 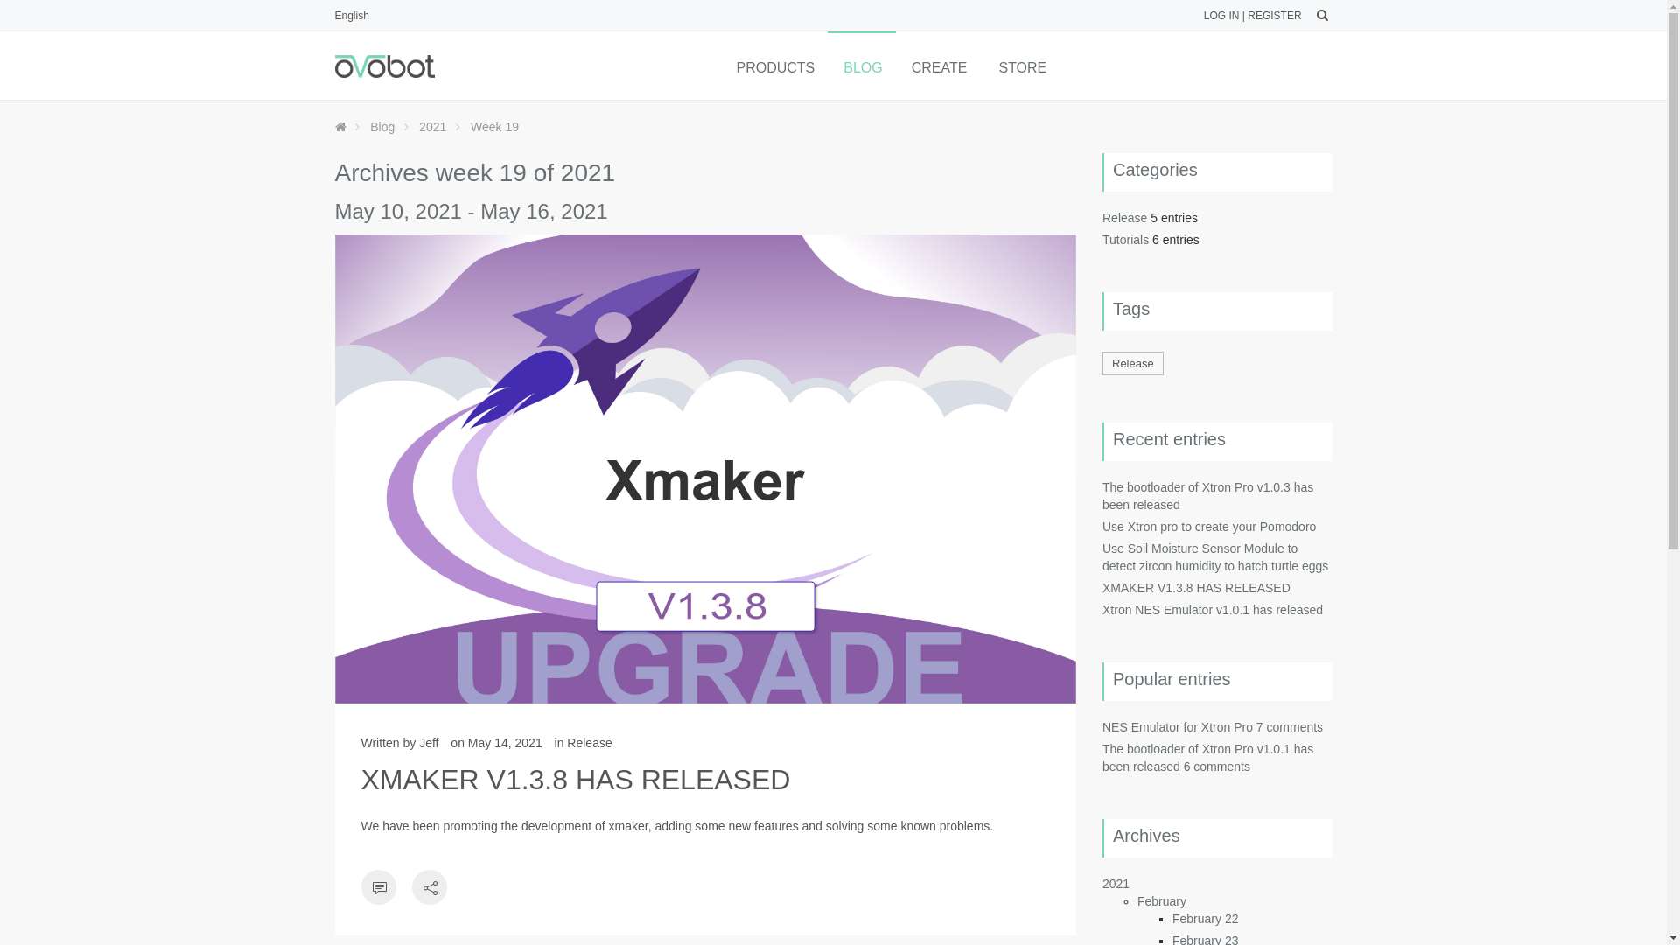 What do you see at coordinates (1216, 765) in the screenshot?
I see `'6 comments'` at bounding box center [1216, 765].